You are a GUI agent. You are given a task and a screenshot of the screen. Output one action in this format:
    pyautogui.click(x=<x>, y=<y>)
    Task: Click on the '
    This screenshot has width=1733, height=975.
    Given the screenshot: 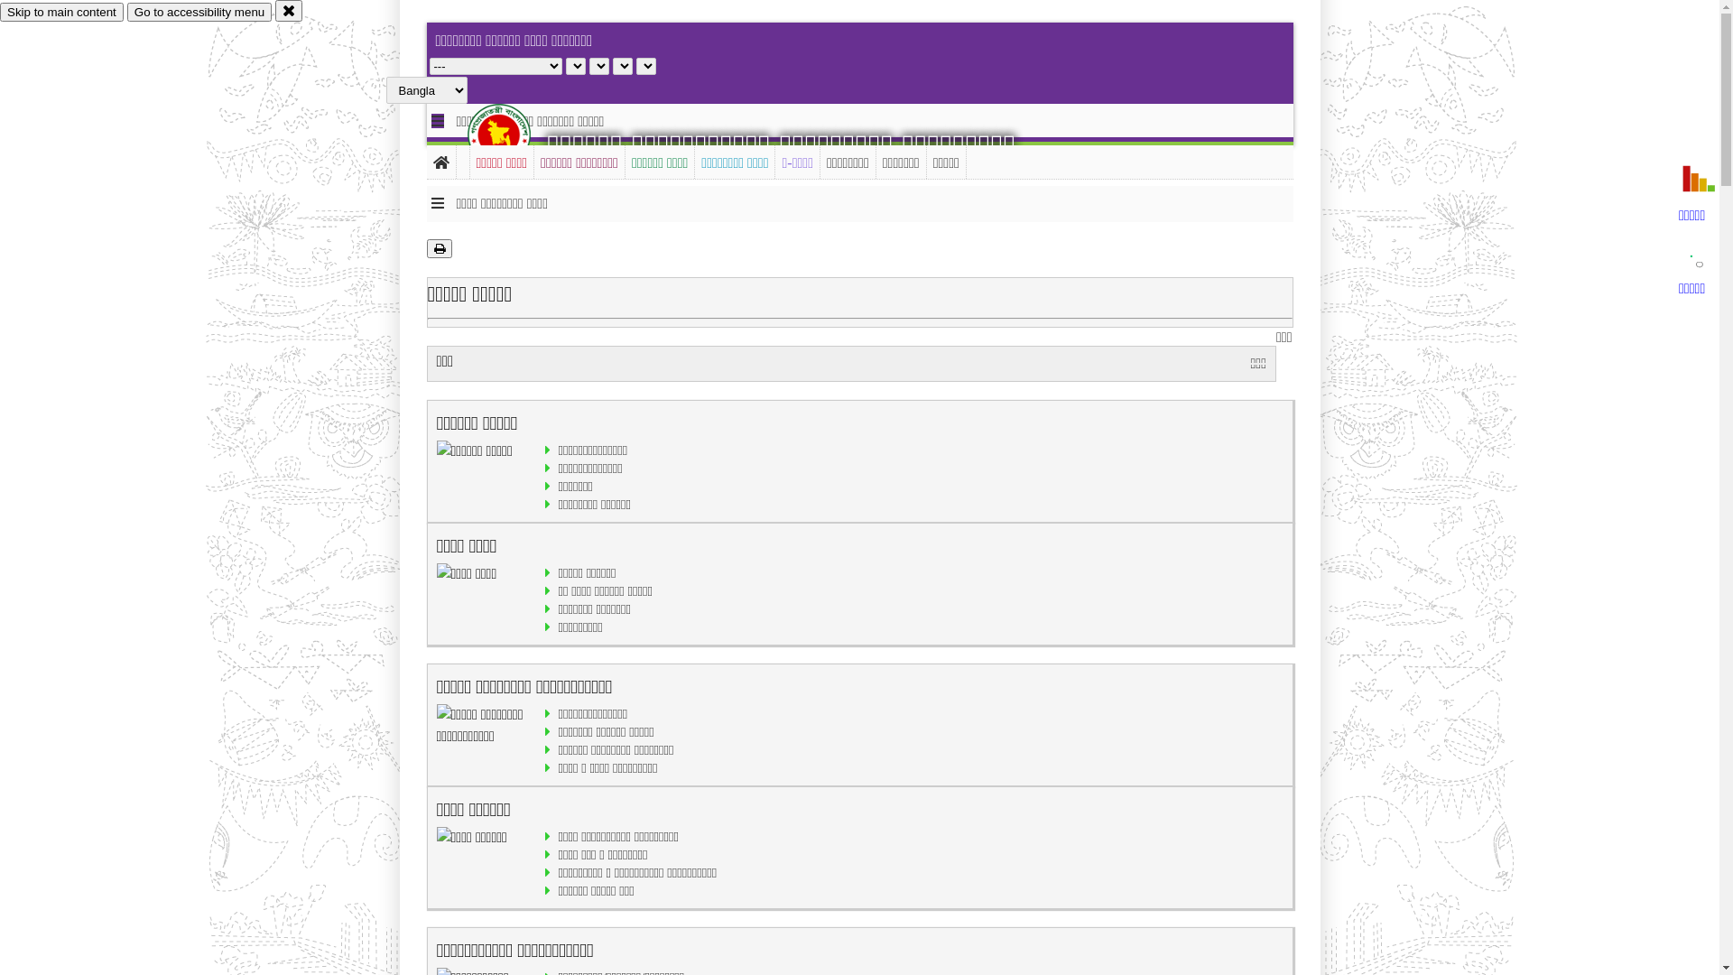 What is the action you would take?
    pyautogui.click(x=514, y=134)
    